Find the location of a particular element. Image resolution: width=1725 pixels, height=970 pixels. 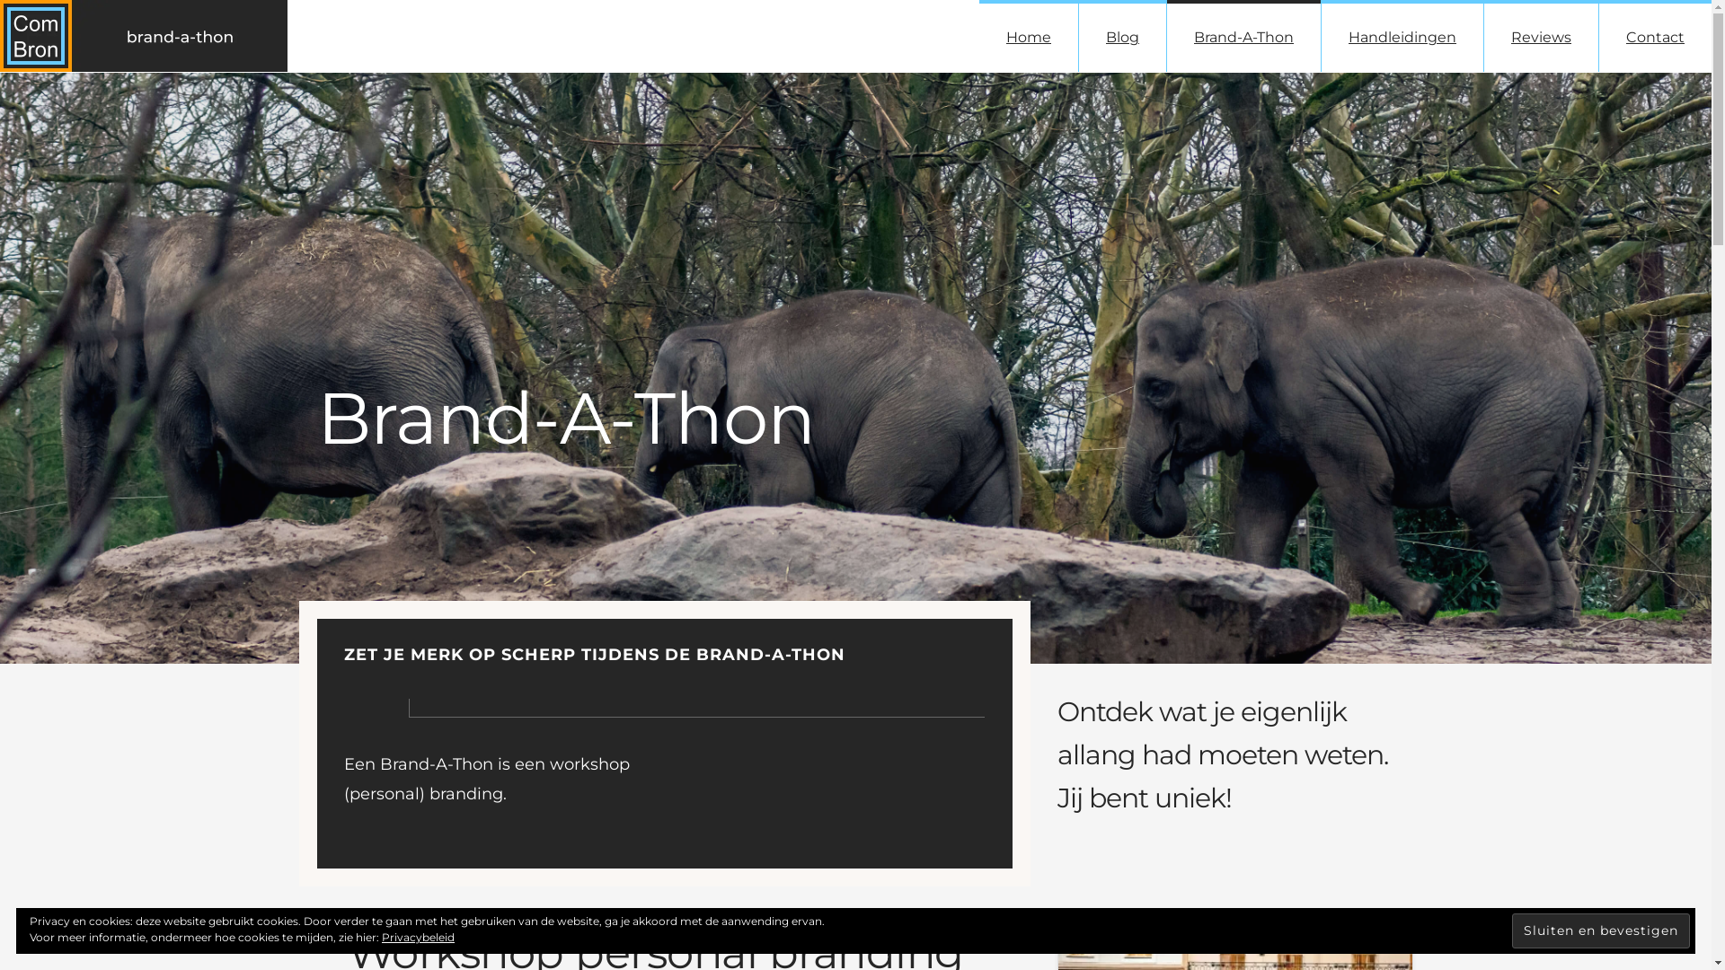

'ABONNEER DIRECT OP YOUTUBE' is located at coordinates (740, 798).